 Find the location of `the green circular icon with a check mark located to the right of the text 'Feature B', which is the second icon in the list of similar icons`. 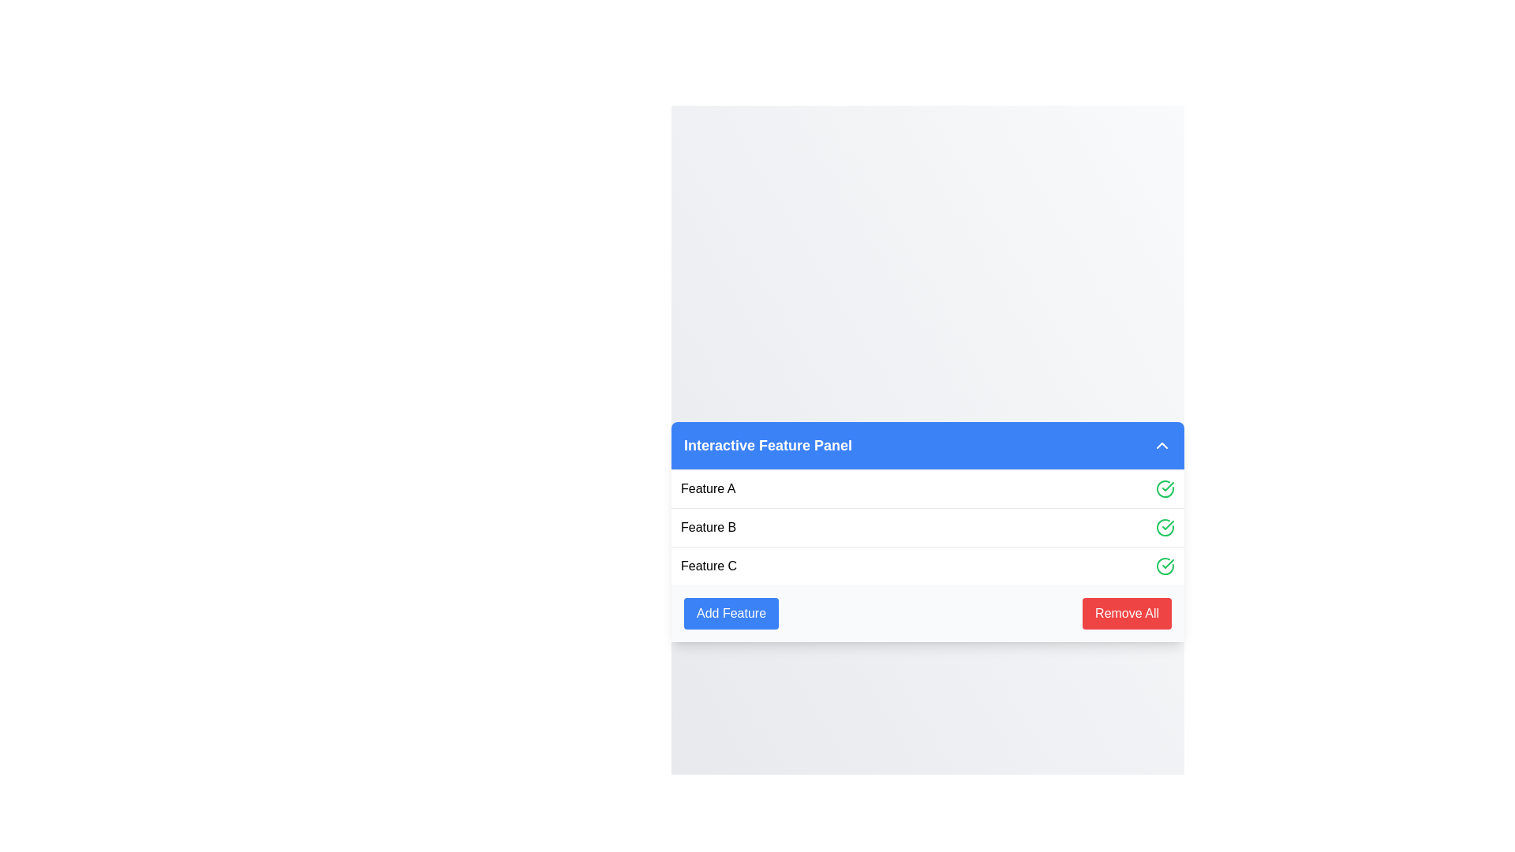

the green circular icon with a check mark located to the right of the text 'Feature B', which is the second icon in the list of similar icons is located at coordinates (1165, 526).